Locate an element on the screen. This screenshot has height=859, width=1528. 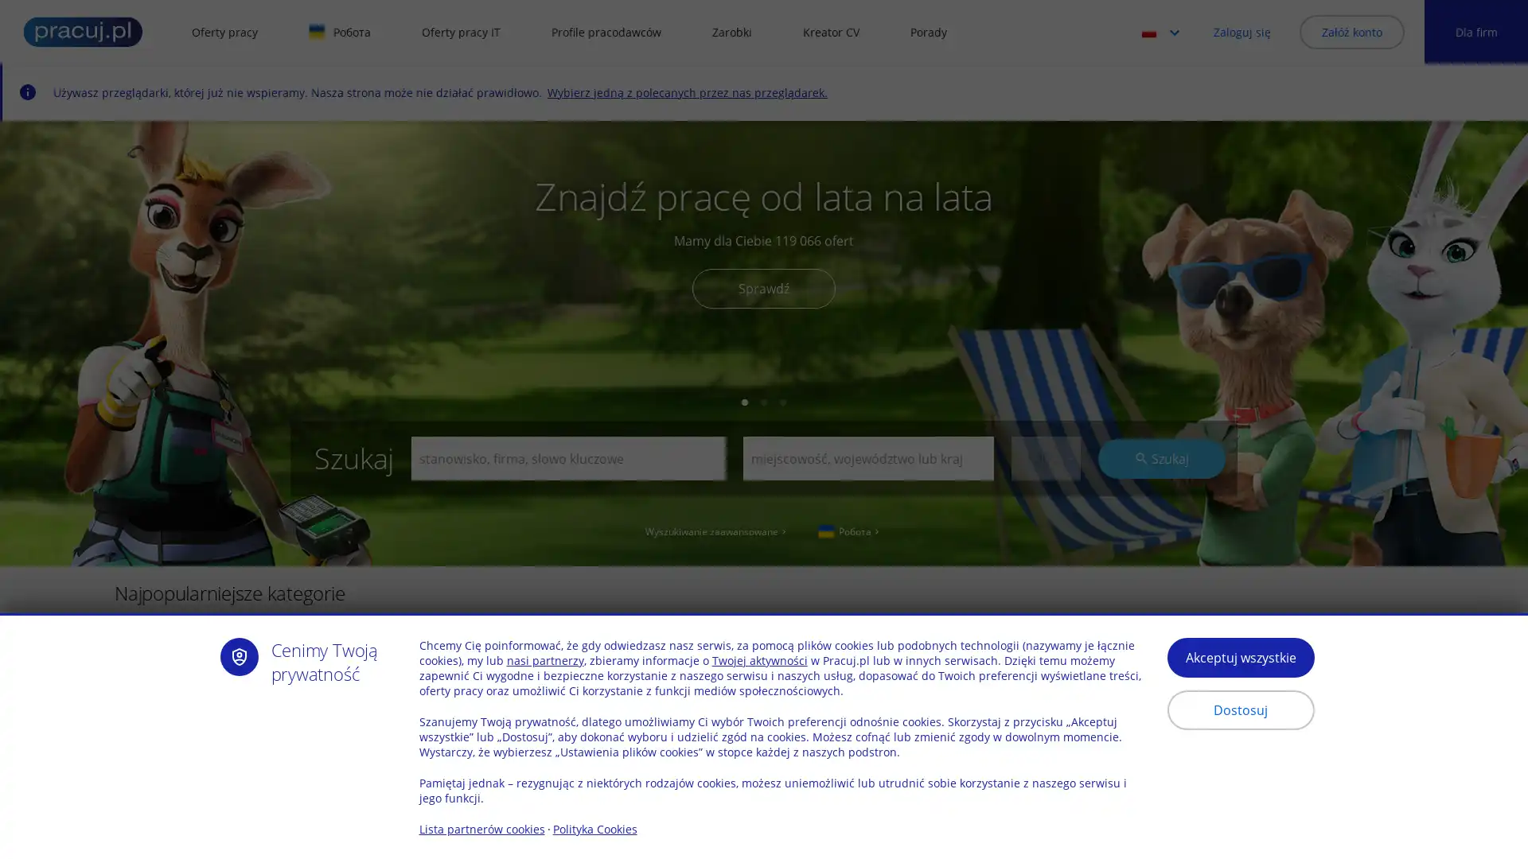
+ 30 km is located at coordinates (1045, 634).